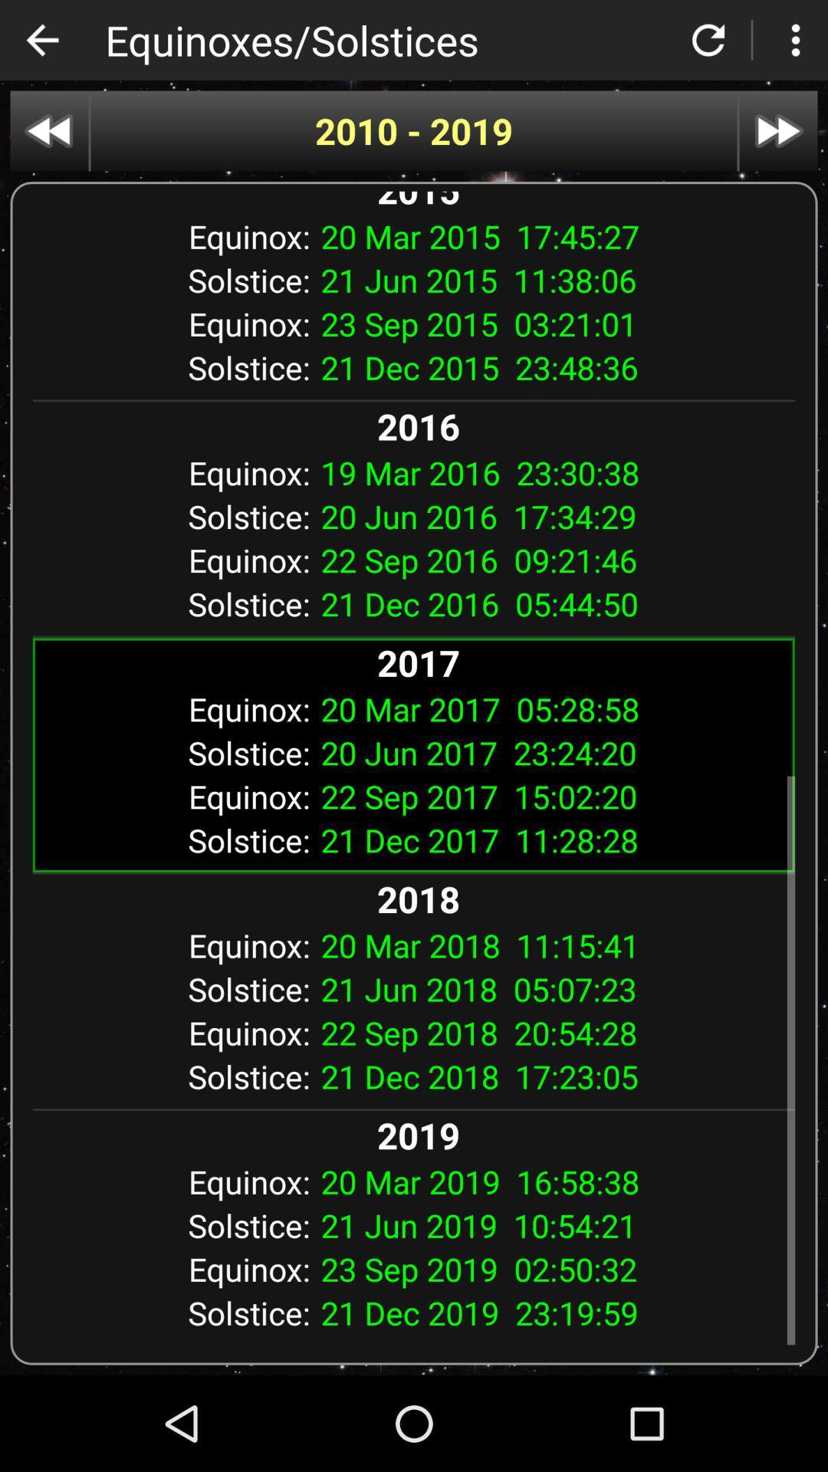 This screenshot has height=1472, width=828. I want to click on next, so click(778, 131).